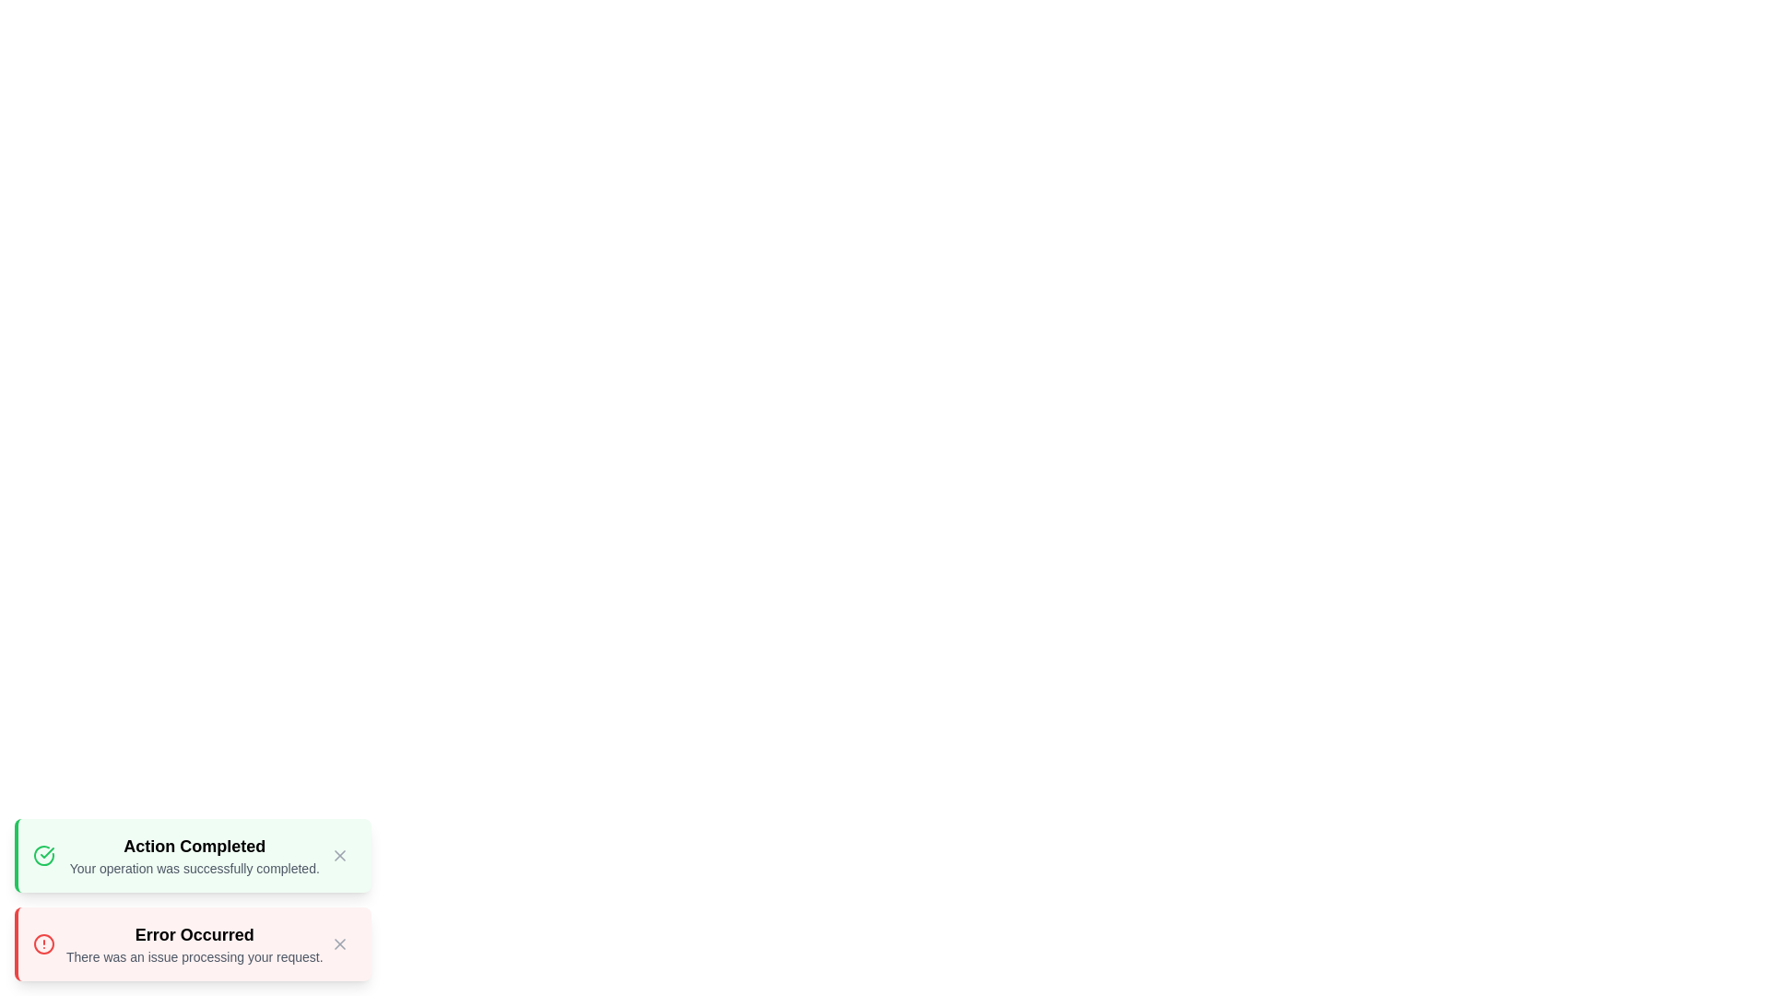 Image resolution: width=1770 pixels, height=996 pixels. What do you see at coordinates (195, 847) in the screenshot?
I see `the text content of the alert with title Action Completed` at bounding box center [195, 847].